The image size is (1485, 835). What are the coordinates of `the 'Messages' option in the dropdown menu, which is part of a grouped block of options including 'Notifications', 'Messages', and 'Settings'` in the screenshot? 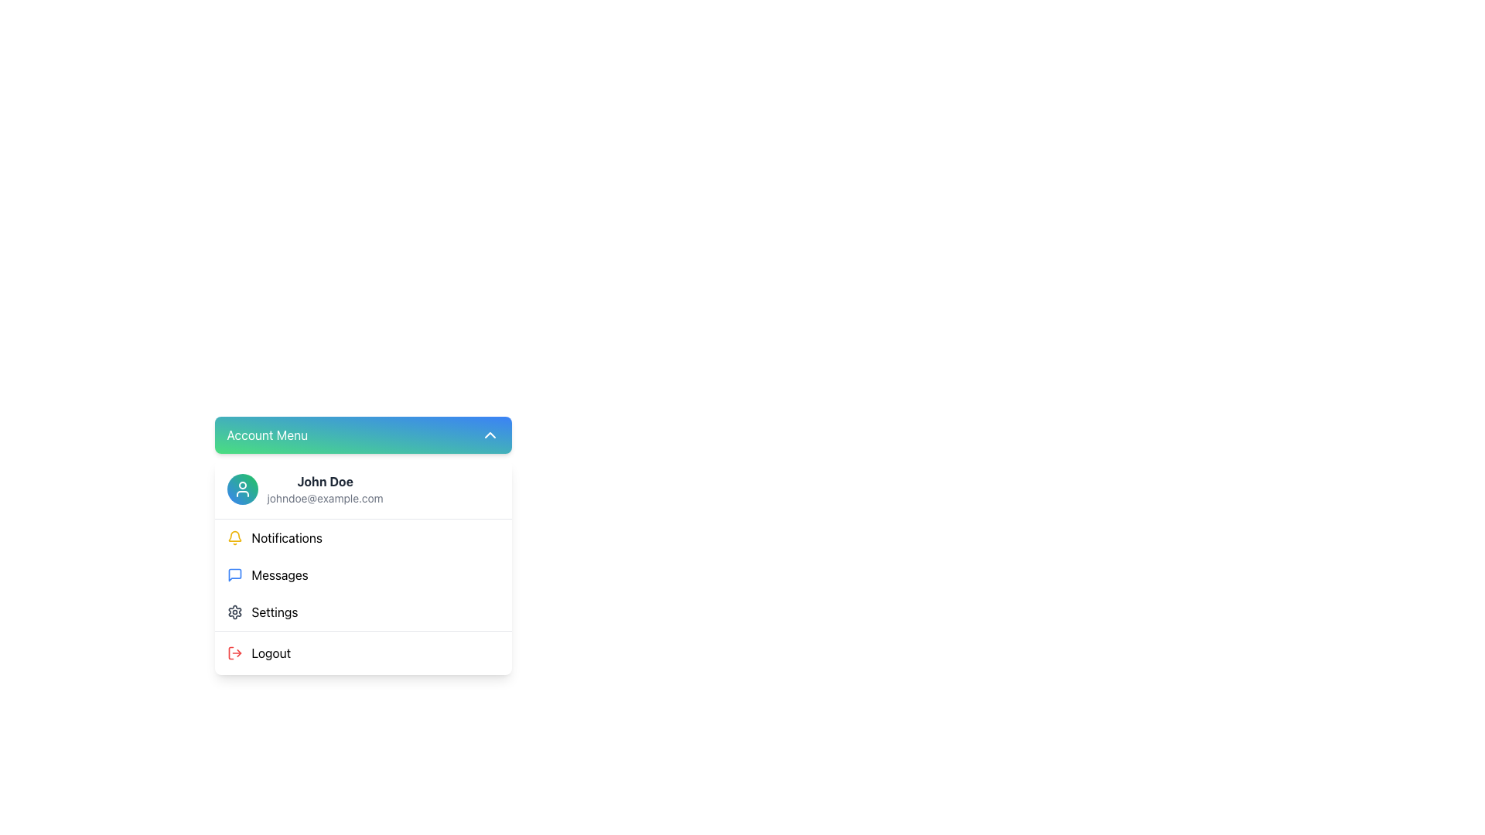 It's located at (362, 574).